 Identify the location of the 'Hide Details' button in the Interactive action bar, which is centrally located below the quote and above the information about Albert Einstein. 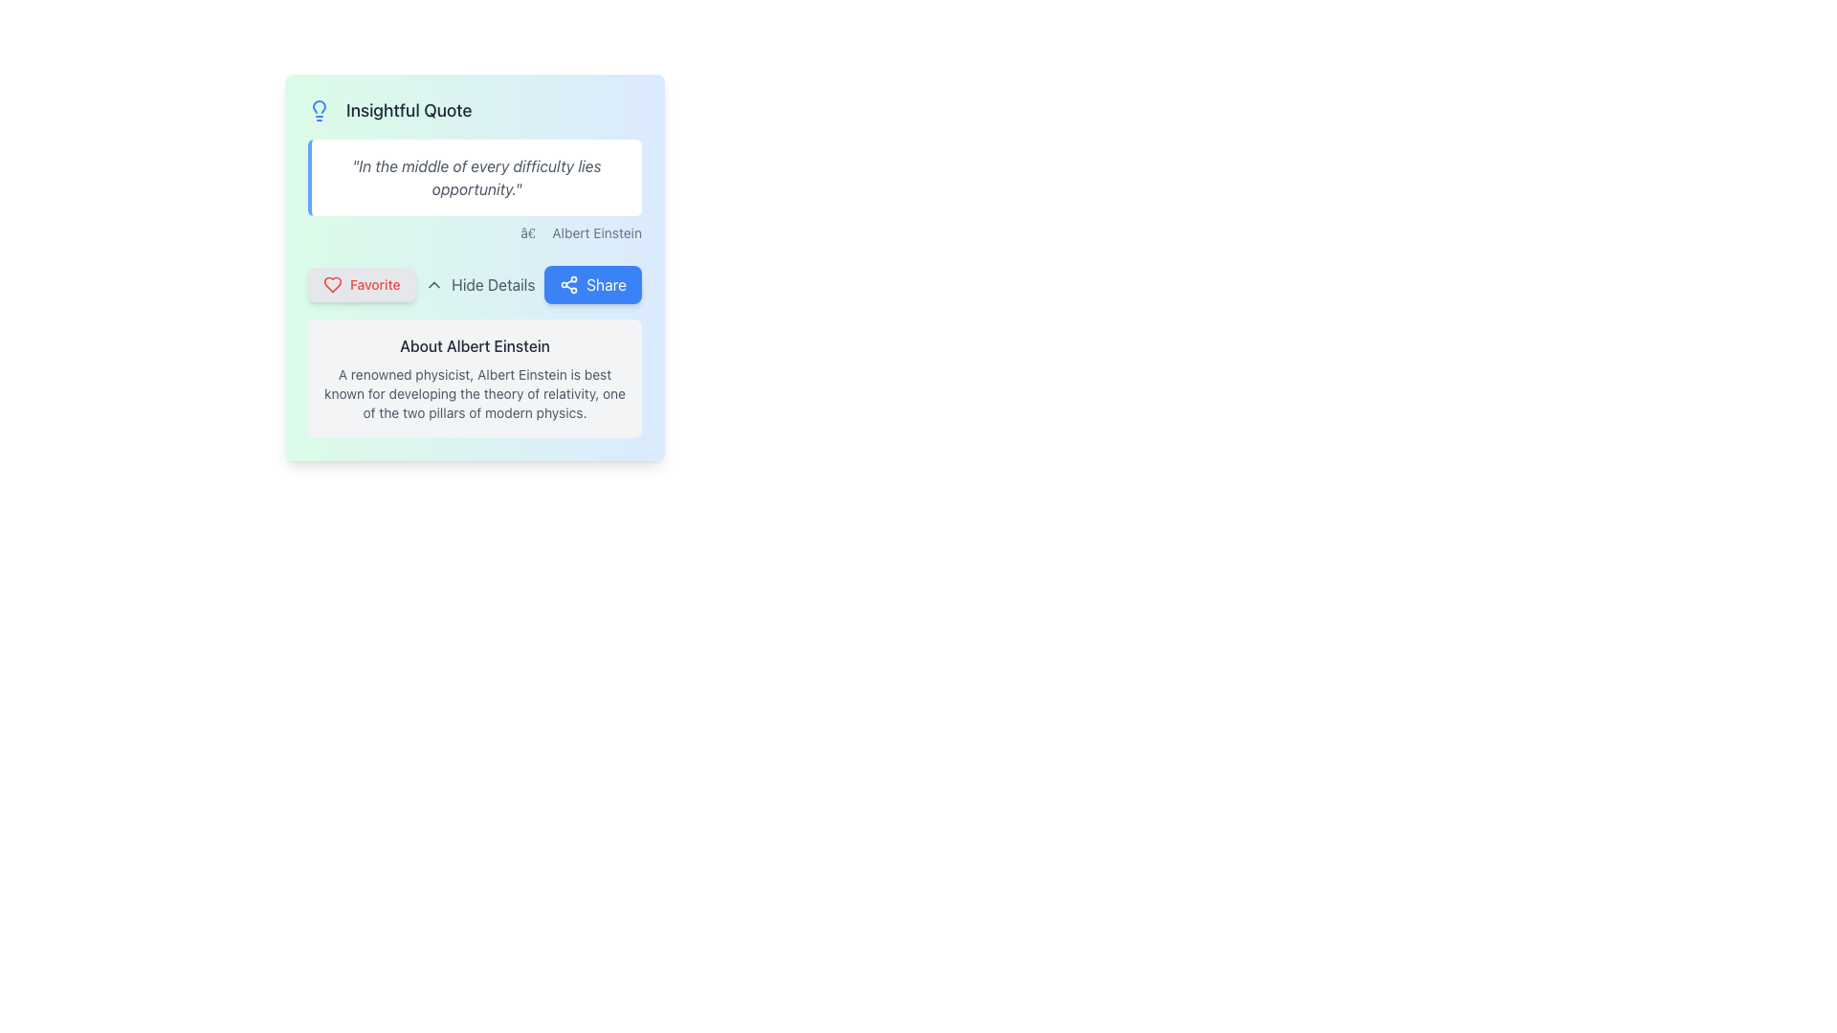
(475, 284).